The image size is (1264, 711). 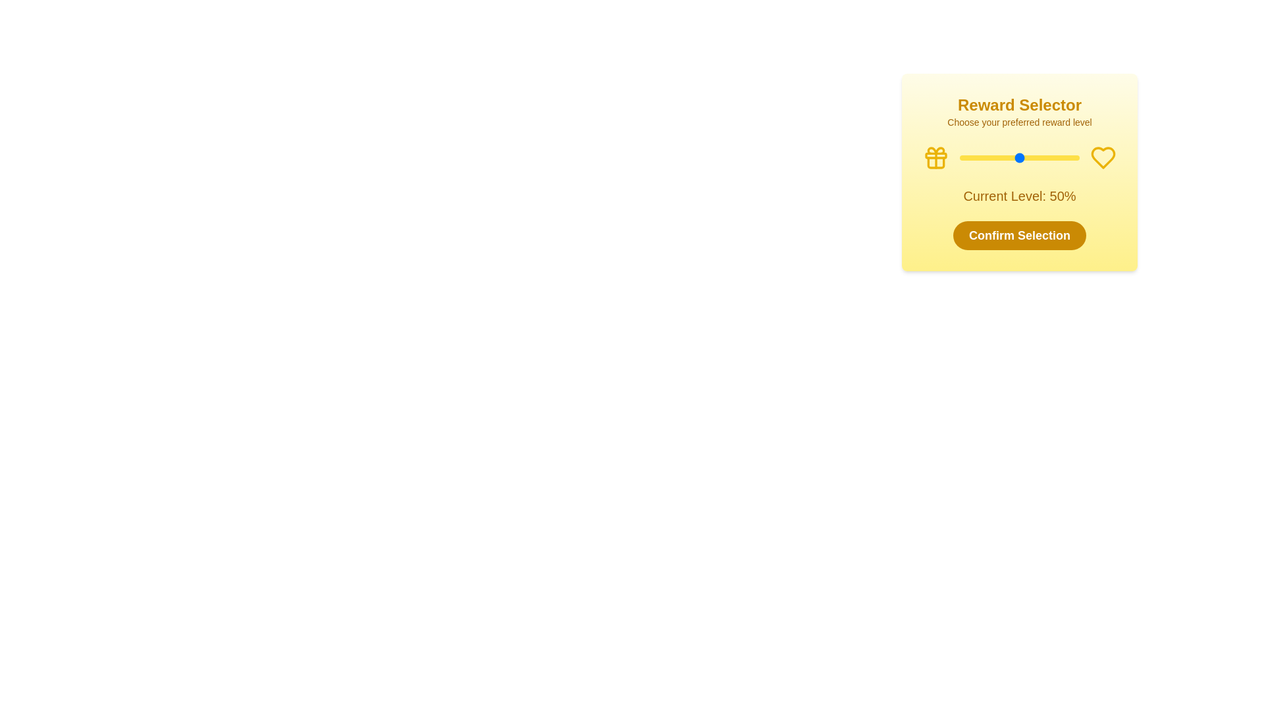 What do you see at coordinates (1019, 235) in the screenshot?
I see `the confirm button located at the bottom of the reward adjustment interface to observe its hover state` at bounding box center [1019, 235].